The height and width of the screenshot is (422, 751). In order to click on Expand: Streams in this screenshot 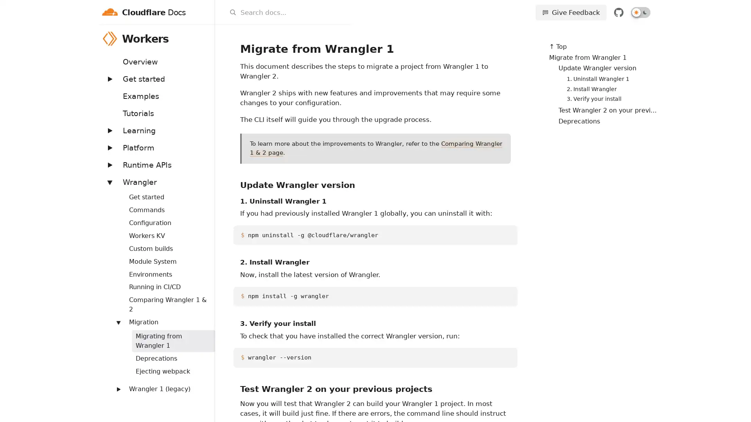, I will do `click(114, 360)`.